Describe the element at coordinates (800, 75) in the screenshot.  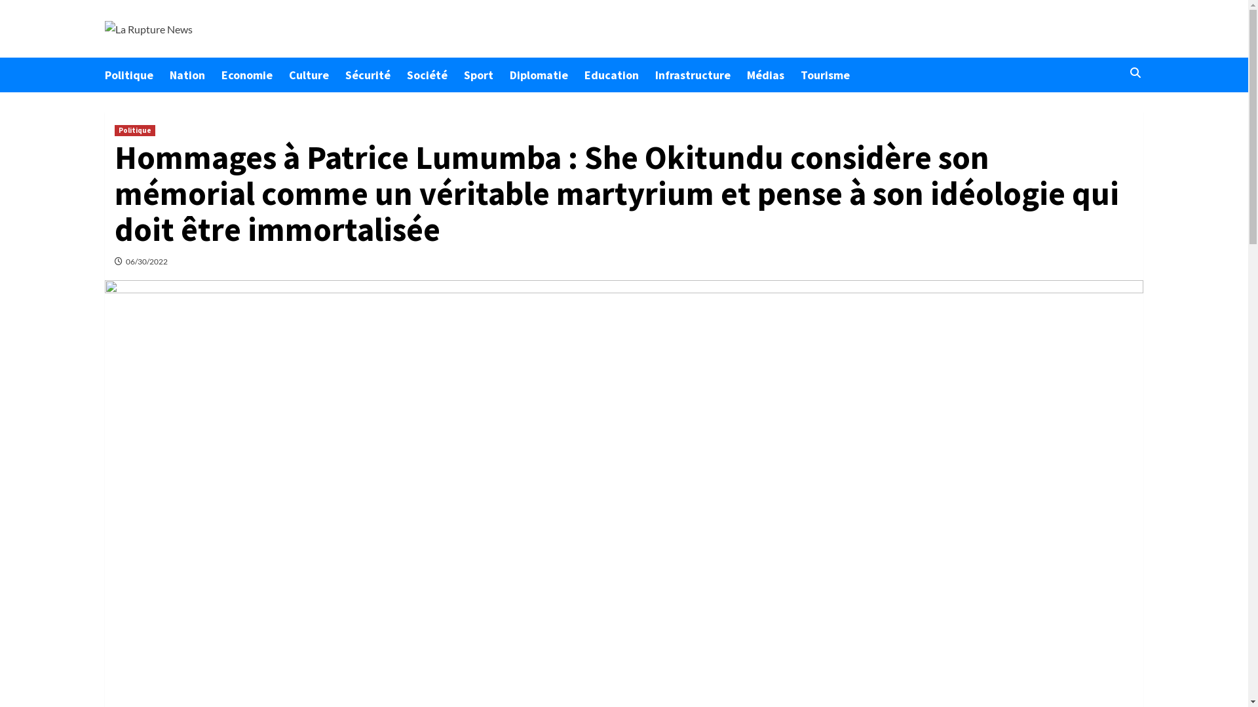
I see `'Tourisme'` at that location.